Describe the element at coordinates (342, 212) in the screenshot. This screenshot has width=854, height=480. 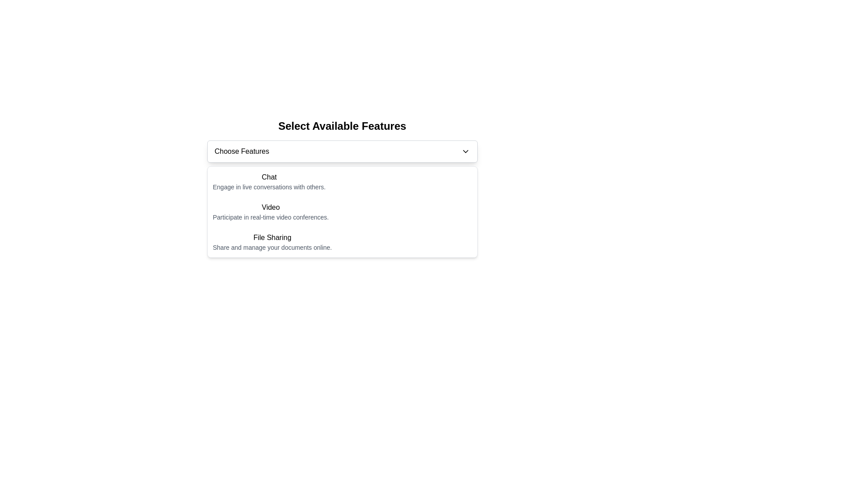
I see `the second row of the Interactive List Row that provides information about the 'Video' feature, located below the 'Select Available Features' dropdown menu` at that location.